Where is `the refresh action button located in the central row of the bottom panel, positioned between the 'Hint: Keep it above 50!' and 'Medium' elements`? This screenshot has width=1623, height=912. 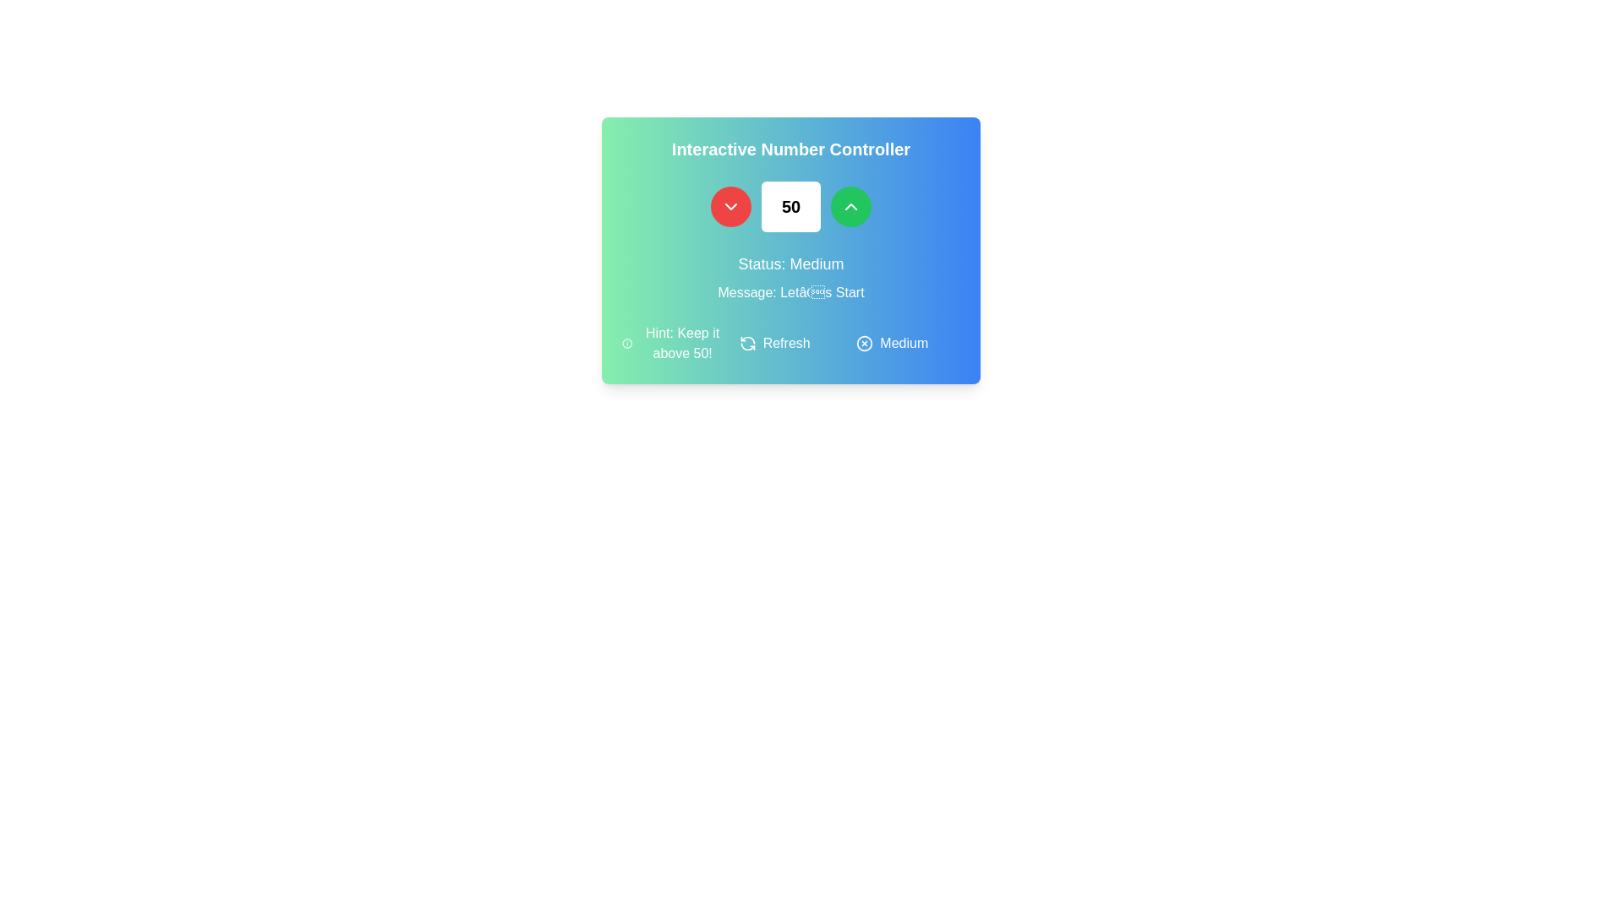 the refresh action button located in the central row of the bottom panel, positioned between the 'Hint: Keep it above 50!' and 'Medium' elements is located at coordinates (790, 343).